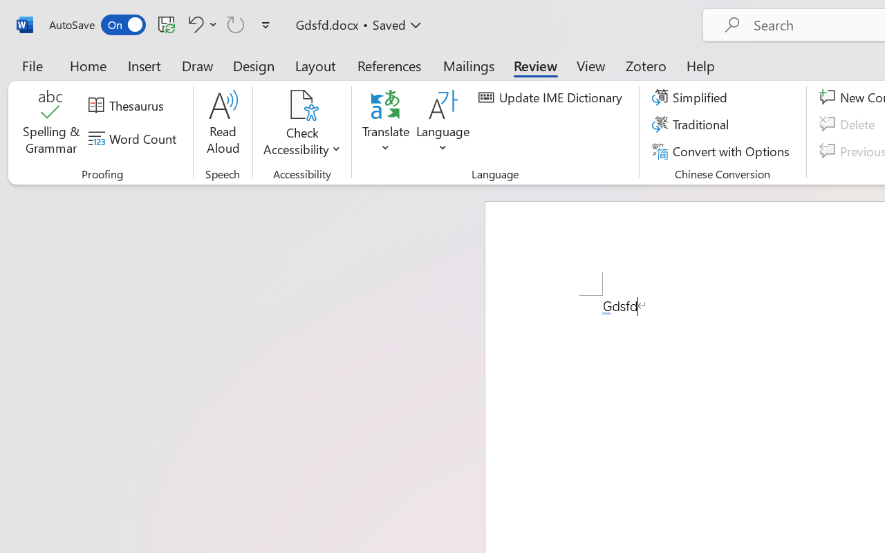  I want to click on 'Convert with Options...', so click(722, 151).